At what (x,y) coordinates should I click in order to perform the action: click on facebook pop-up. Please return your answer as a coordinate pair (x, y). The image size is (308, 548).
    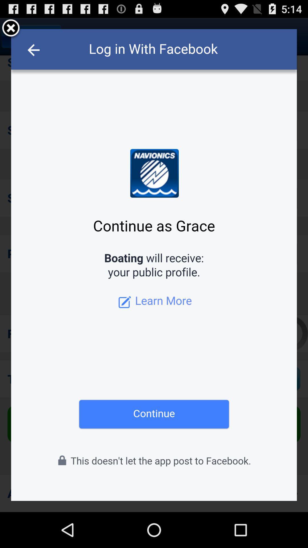
    Looking at the image, I should click on (11, 29).